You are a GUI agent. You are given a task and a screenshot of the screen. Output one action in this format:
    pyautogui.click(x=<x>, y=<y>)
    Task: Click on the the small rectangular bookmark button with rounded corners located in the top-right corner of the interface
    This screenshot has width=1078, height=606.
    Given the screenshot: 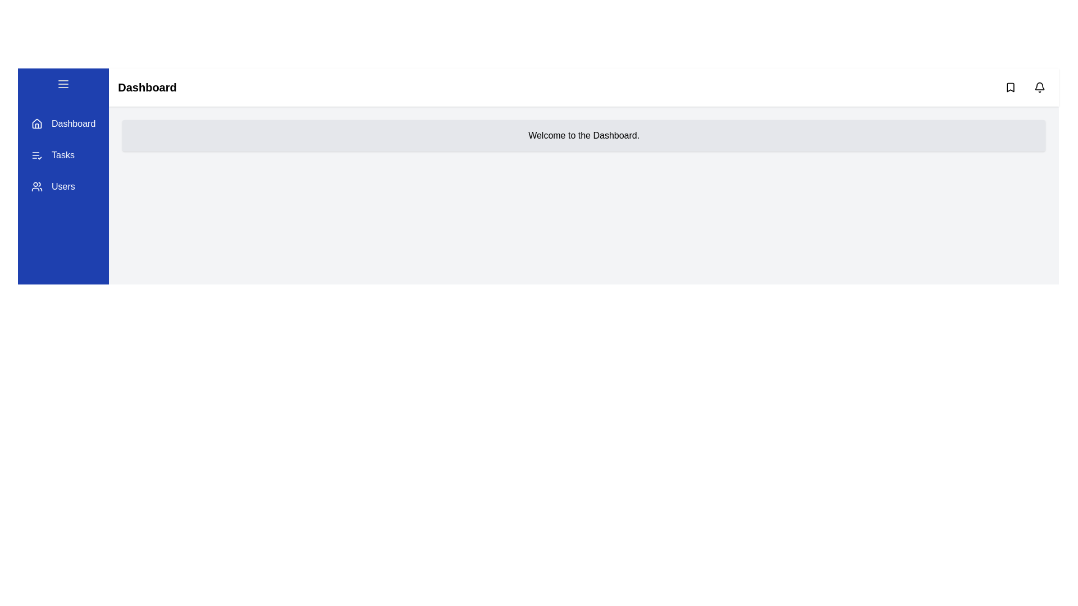 What is the action you would take?
    pyautogui.click(x=1011, y=86)
    